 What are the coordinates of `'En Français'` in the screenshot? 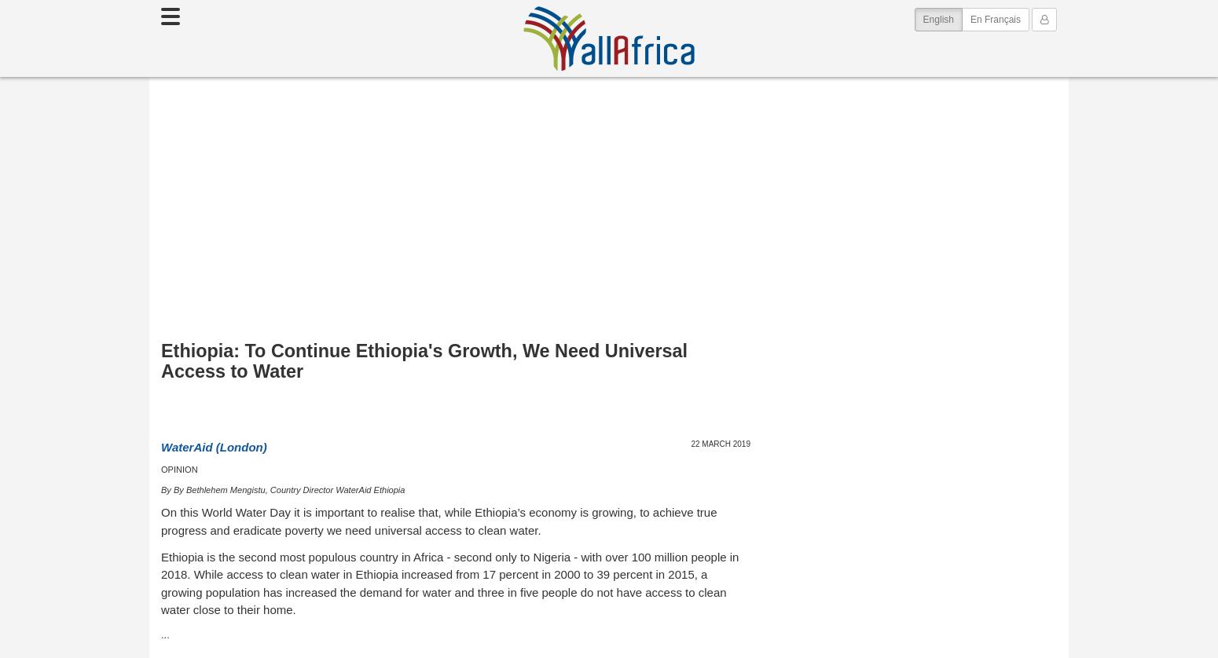 It's located at (994, 19).